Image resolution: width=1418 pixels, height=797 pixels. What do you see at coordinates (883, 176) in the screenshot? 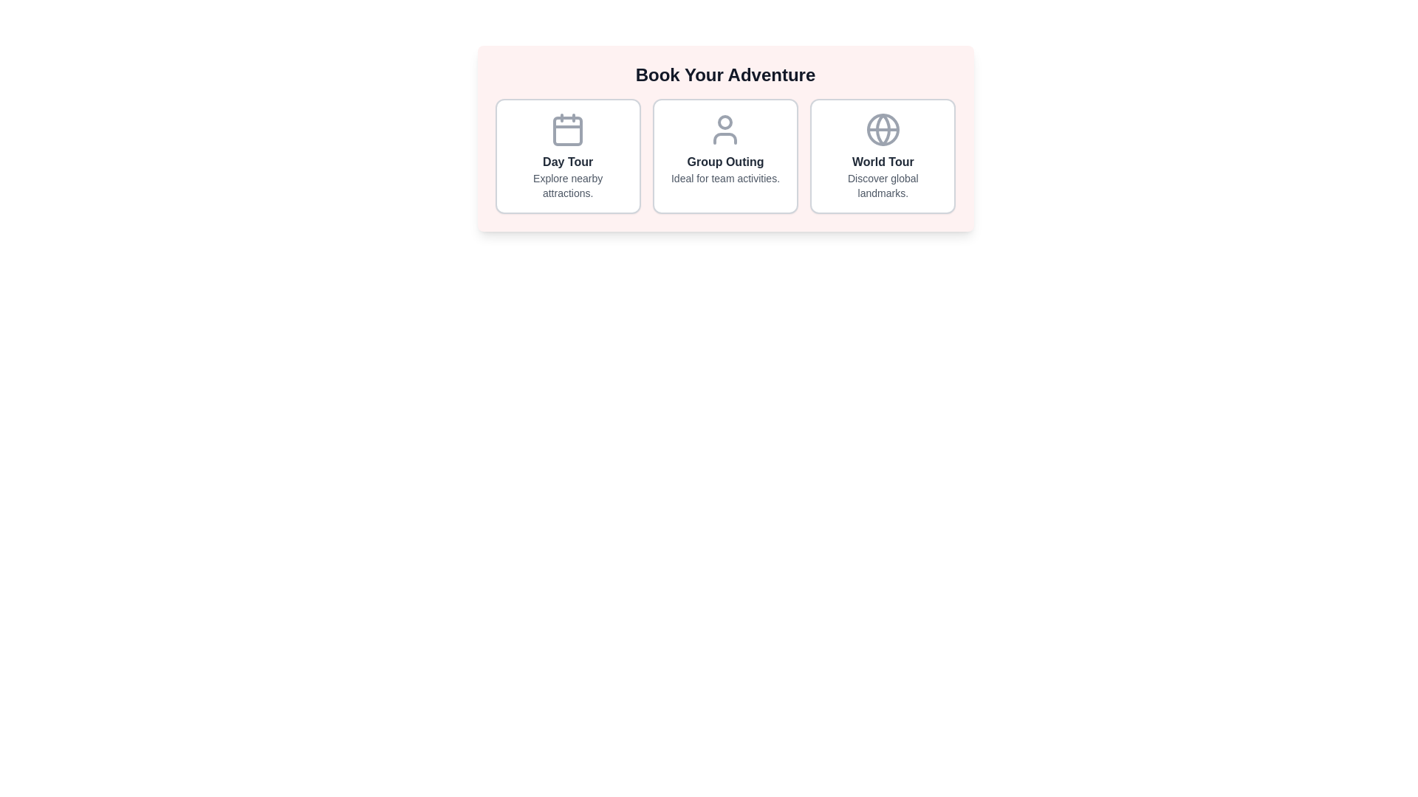
I see `text content 'Discover global landmarks.' from the 'World Tour' card, which is the third card in a horizontal layout and contains centered text below the globe icon` at bounding box center [883, 176].